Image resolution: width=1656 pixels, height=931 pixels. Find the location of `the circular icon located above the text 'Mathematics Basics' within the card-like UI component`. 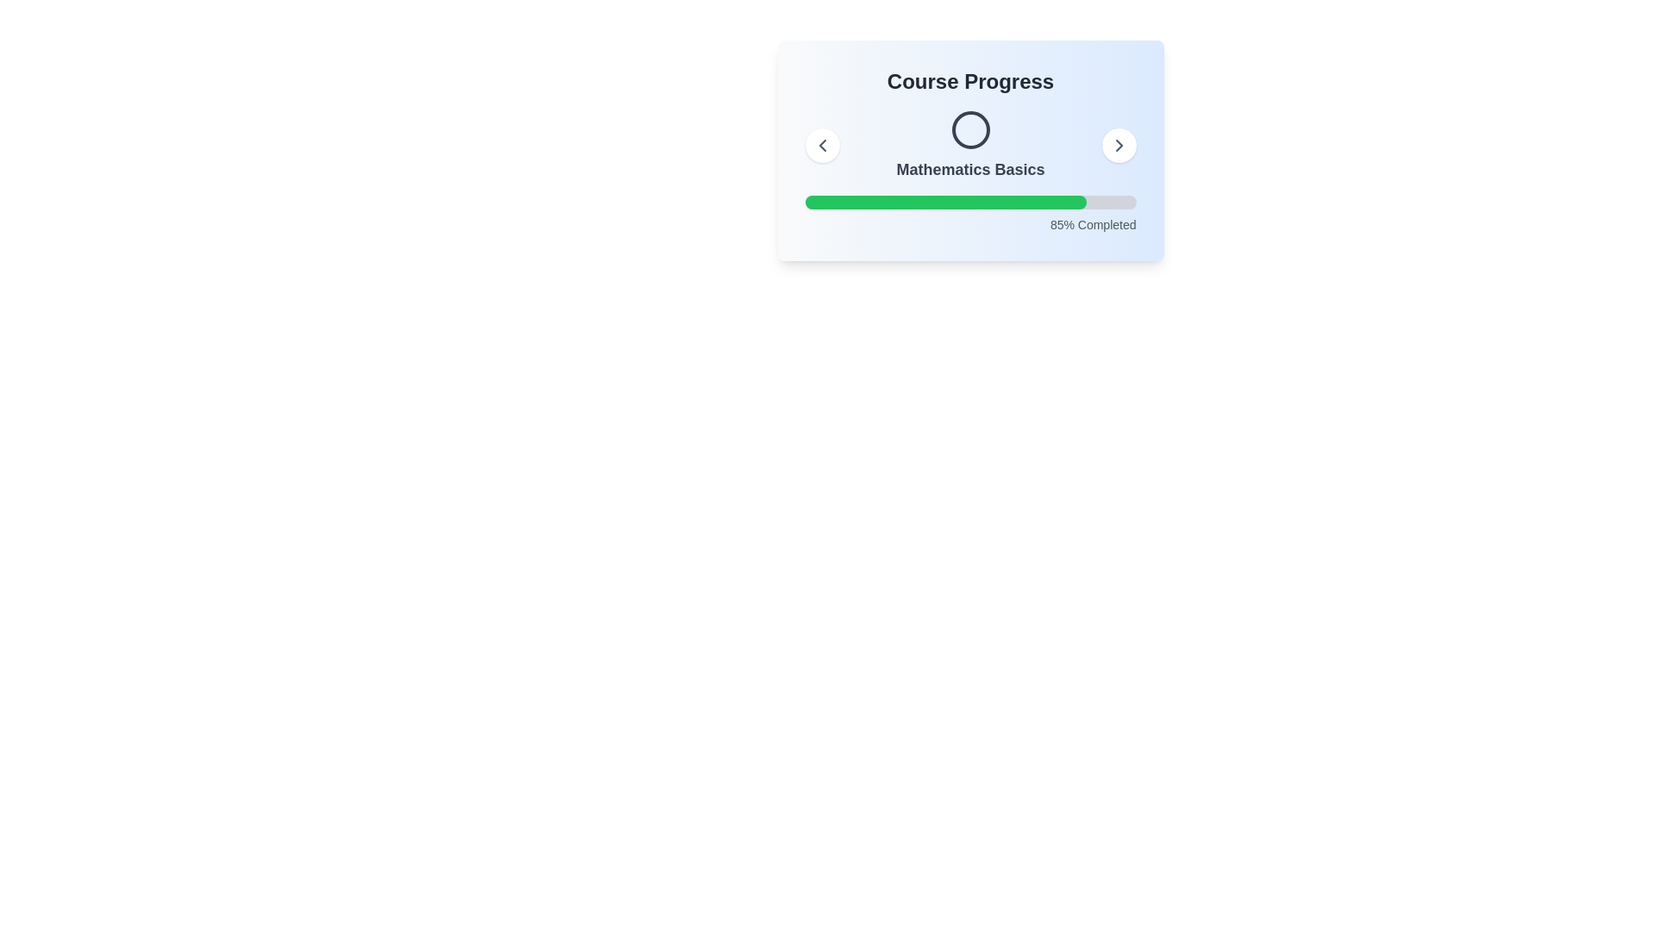

the circular icon located above the text 'Mathematics Basics' within the card-like UI component is located at coordinates (970, 128).